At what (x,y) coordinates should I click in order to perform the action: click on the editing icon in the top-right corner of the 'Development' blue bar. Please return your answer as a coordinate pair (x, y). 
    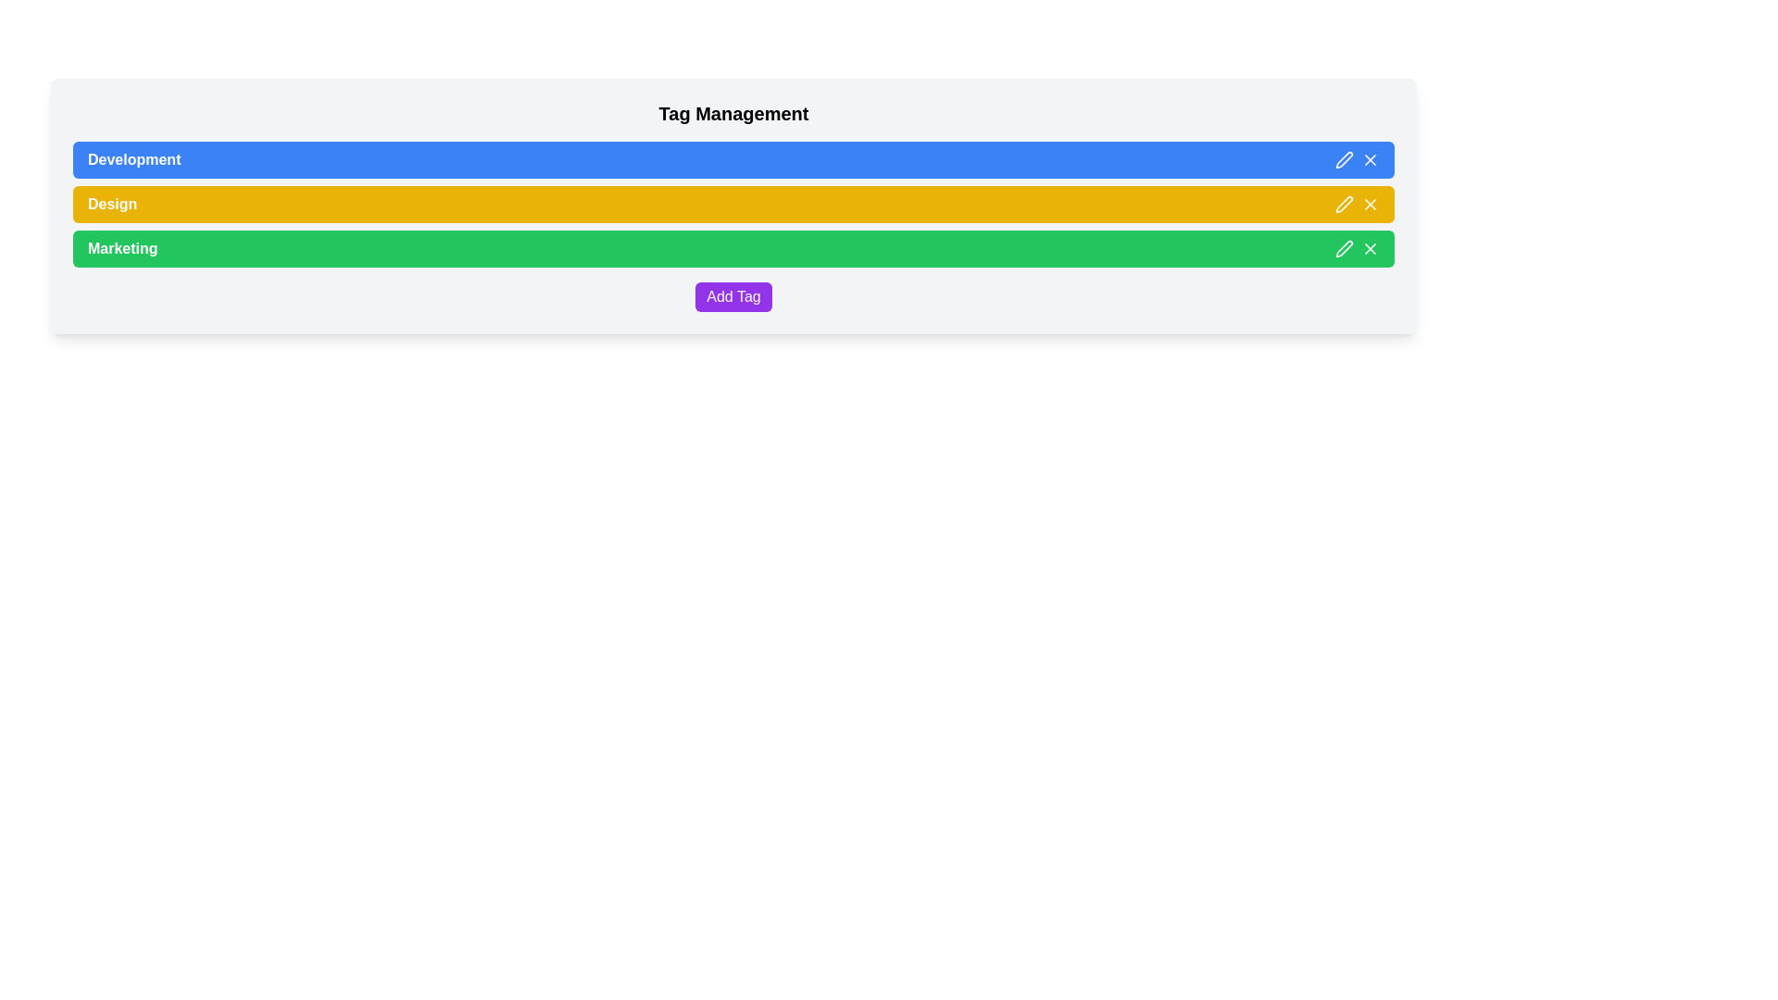
    Looking at the image, I should click on (1344, 158).